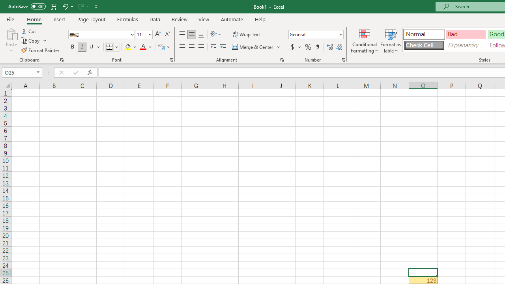 The height and width of the screenshot is (284, 505). I want to click on 'Copy', so click(34, 41).